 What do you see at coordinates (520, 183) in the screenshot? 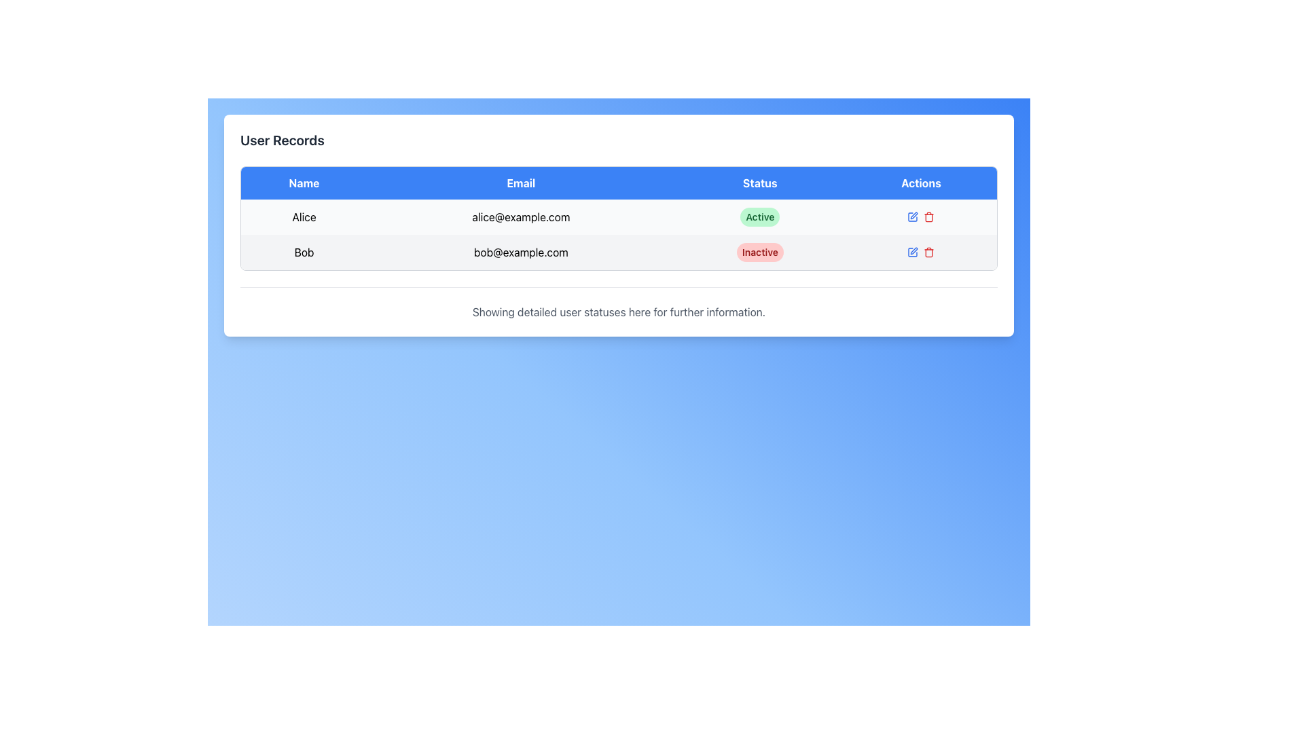
I see `the Table Column Header labeled 'Email' which has a blue background and white bold text, located in the second column of the table` at bounding box center [520, 183].